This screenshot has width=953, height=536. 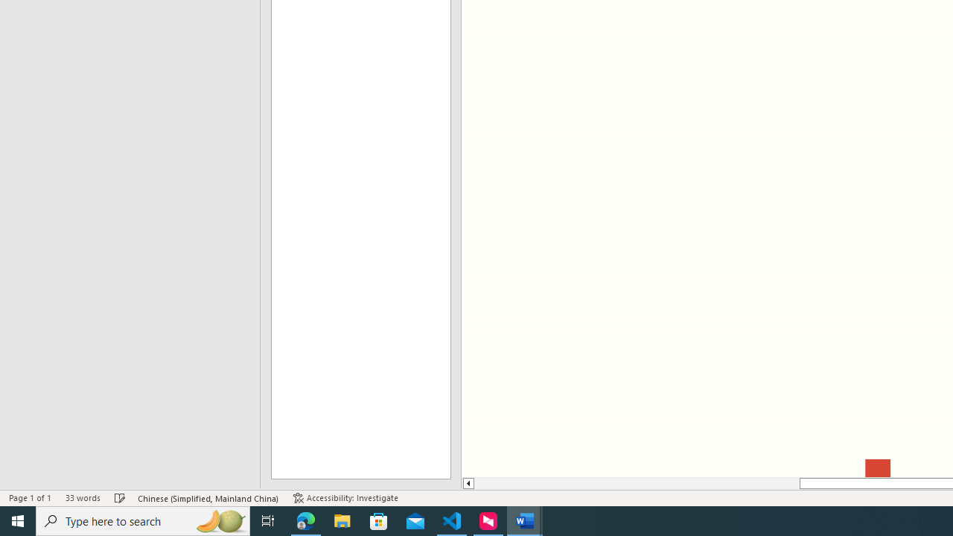 I want to click on 'Page Number Page 1 of 1', so click(x=30, y=498).